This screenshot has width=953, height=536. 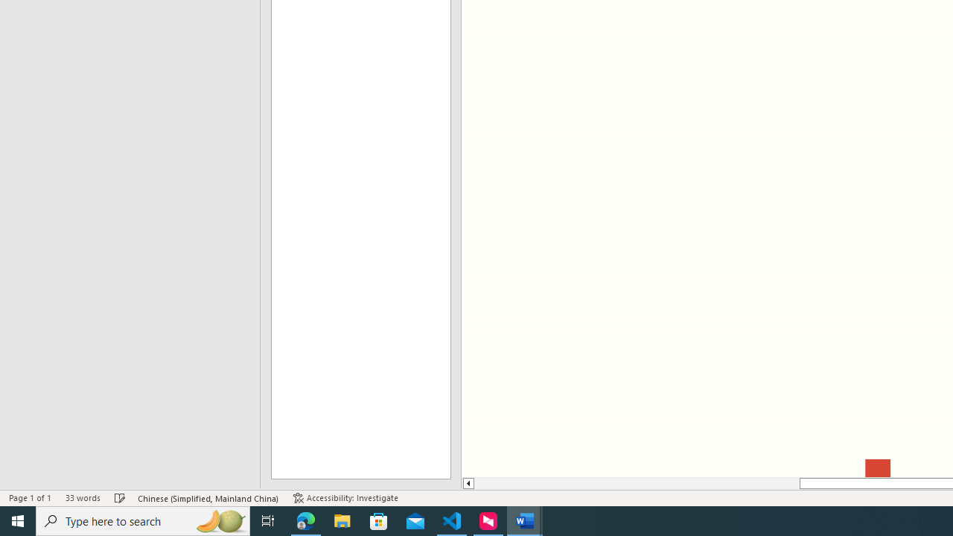 I want to click on 'Page Number Page 1 of 1', so click(x=30, y=498).